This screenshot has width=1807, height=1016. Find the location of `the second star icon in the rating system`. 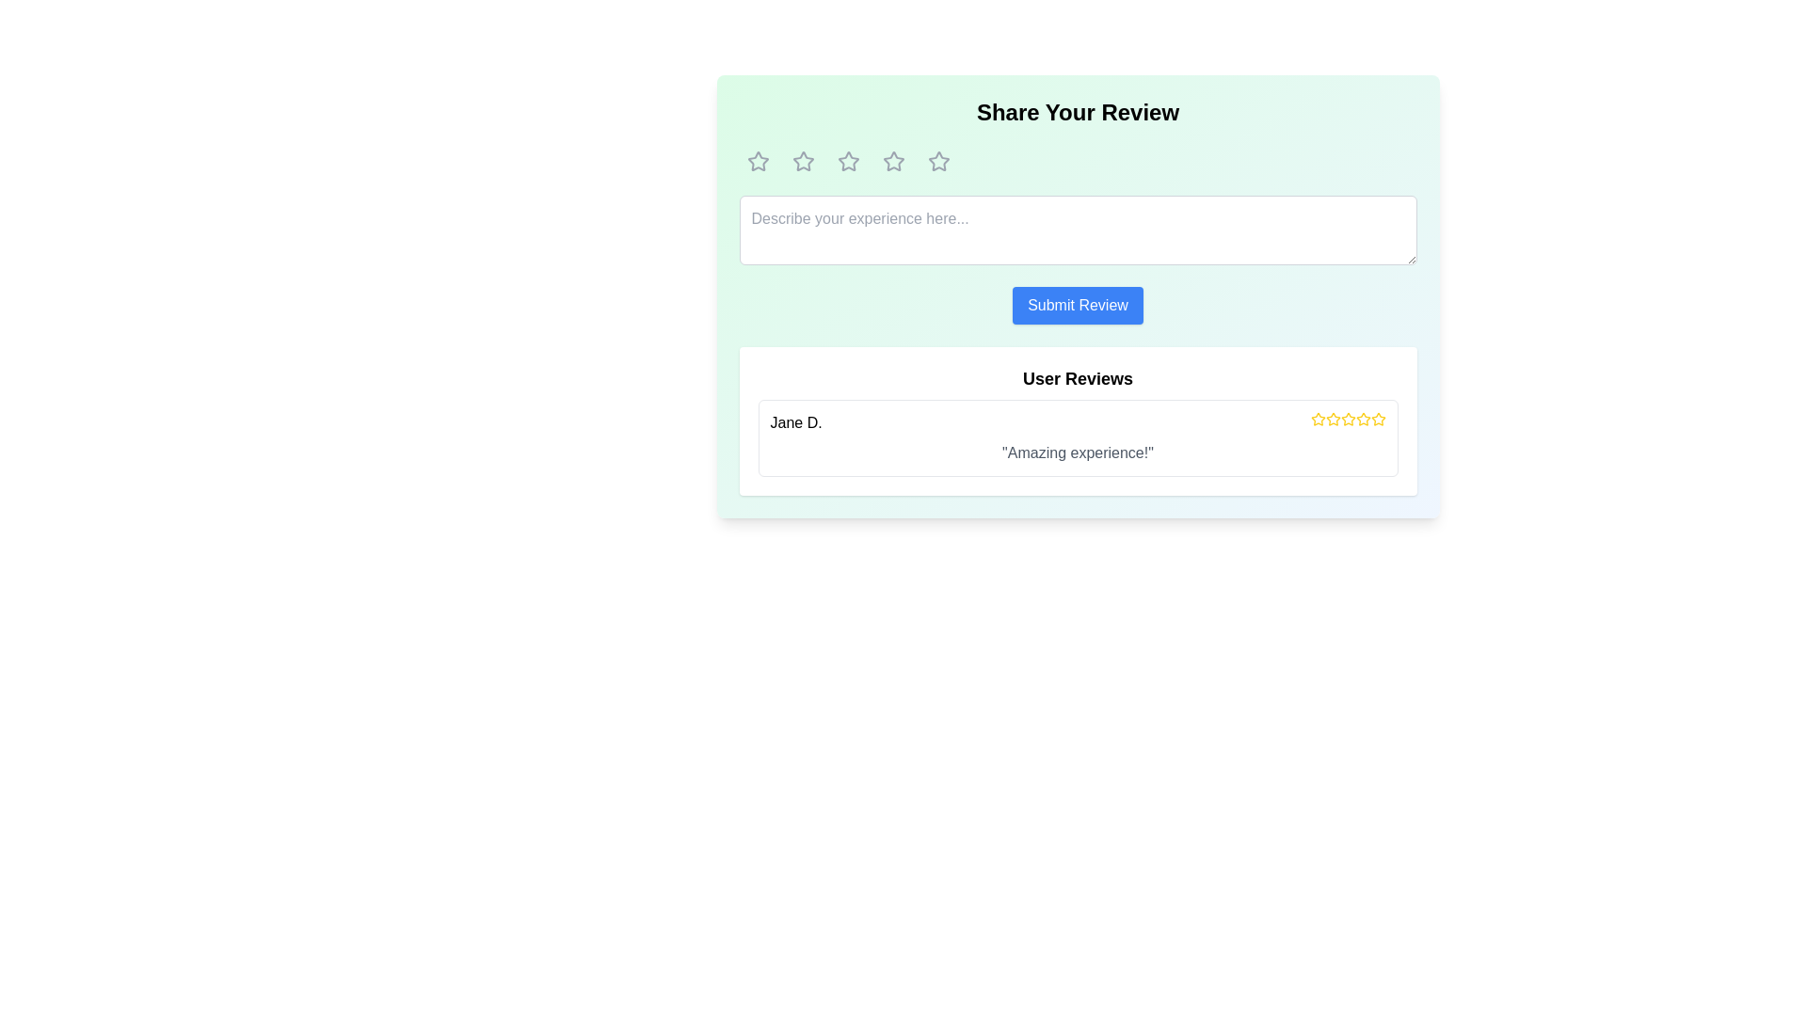

the second star icon in the rating system is located at coordinates (803, 160).